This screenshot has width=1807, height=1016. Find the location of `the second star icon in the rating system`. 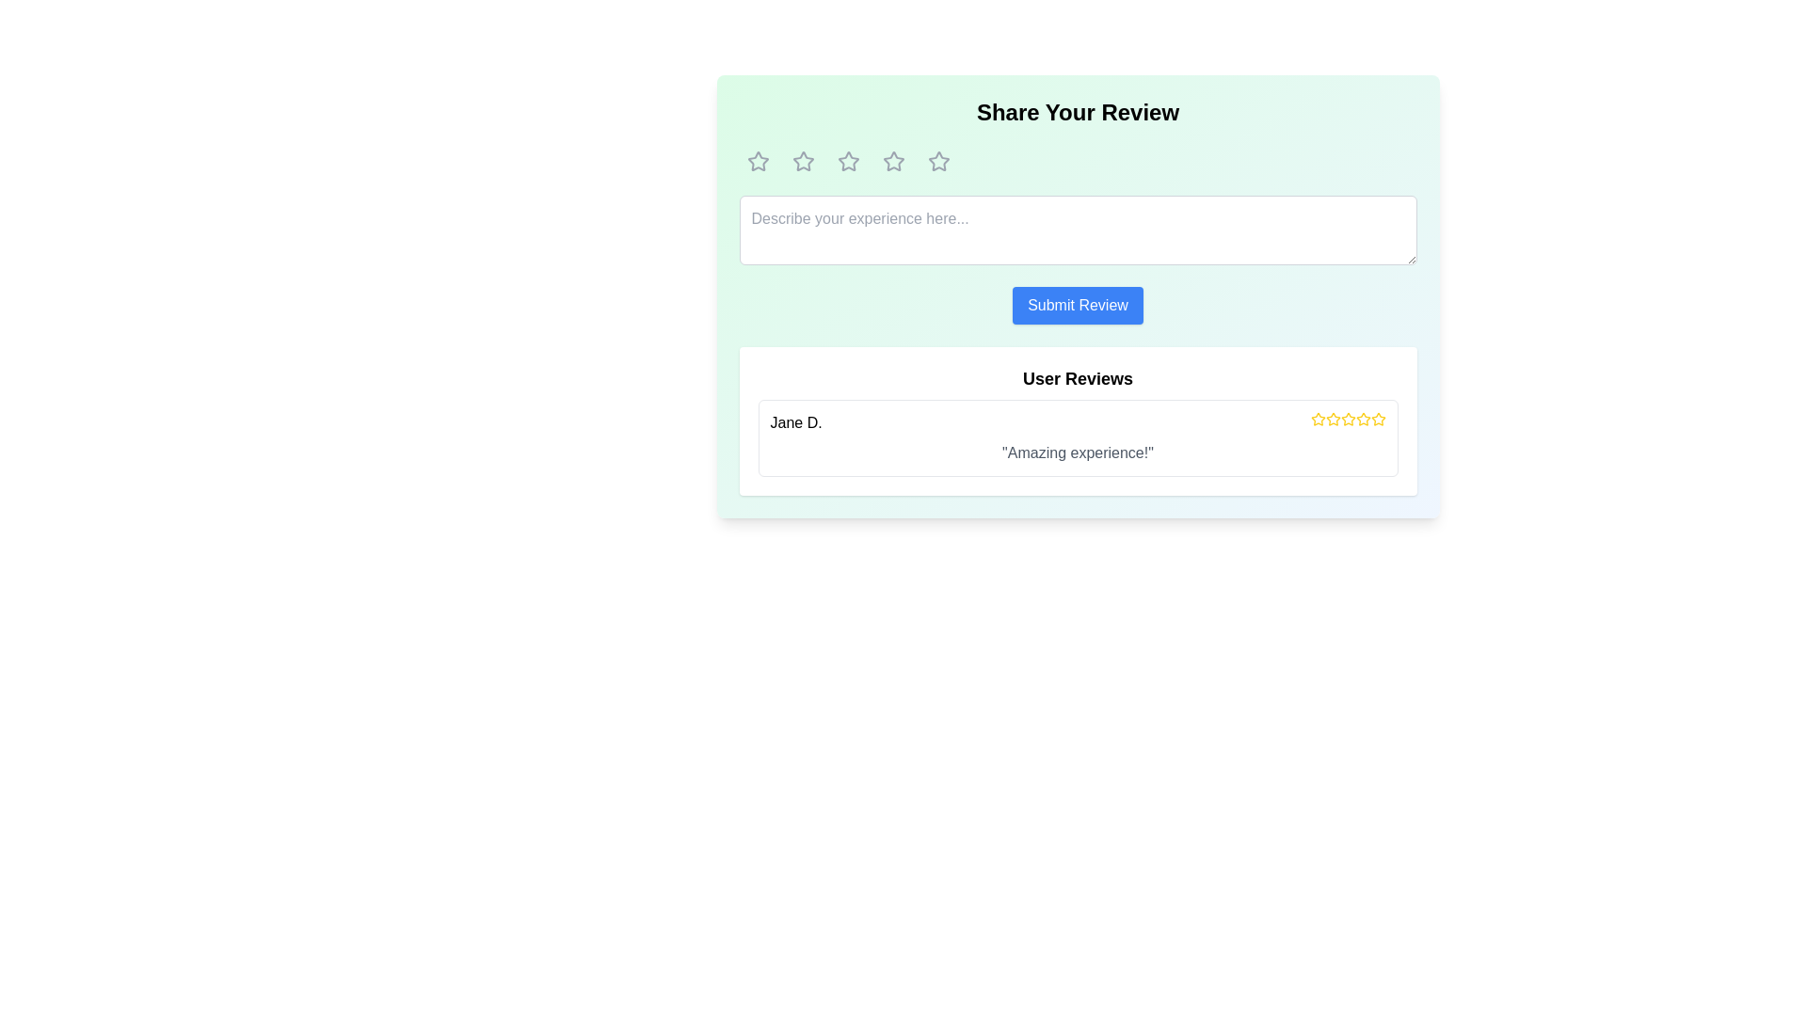

the second star icon in the rating system is located at coordinates (803, 160).